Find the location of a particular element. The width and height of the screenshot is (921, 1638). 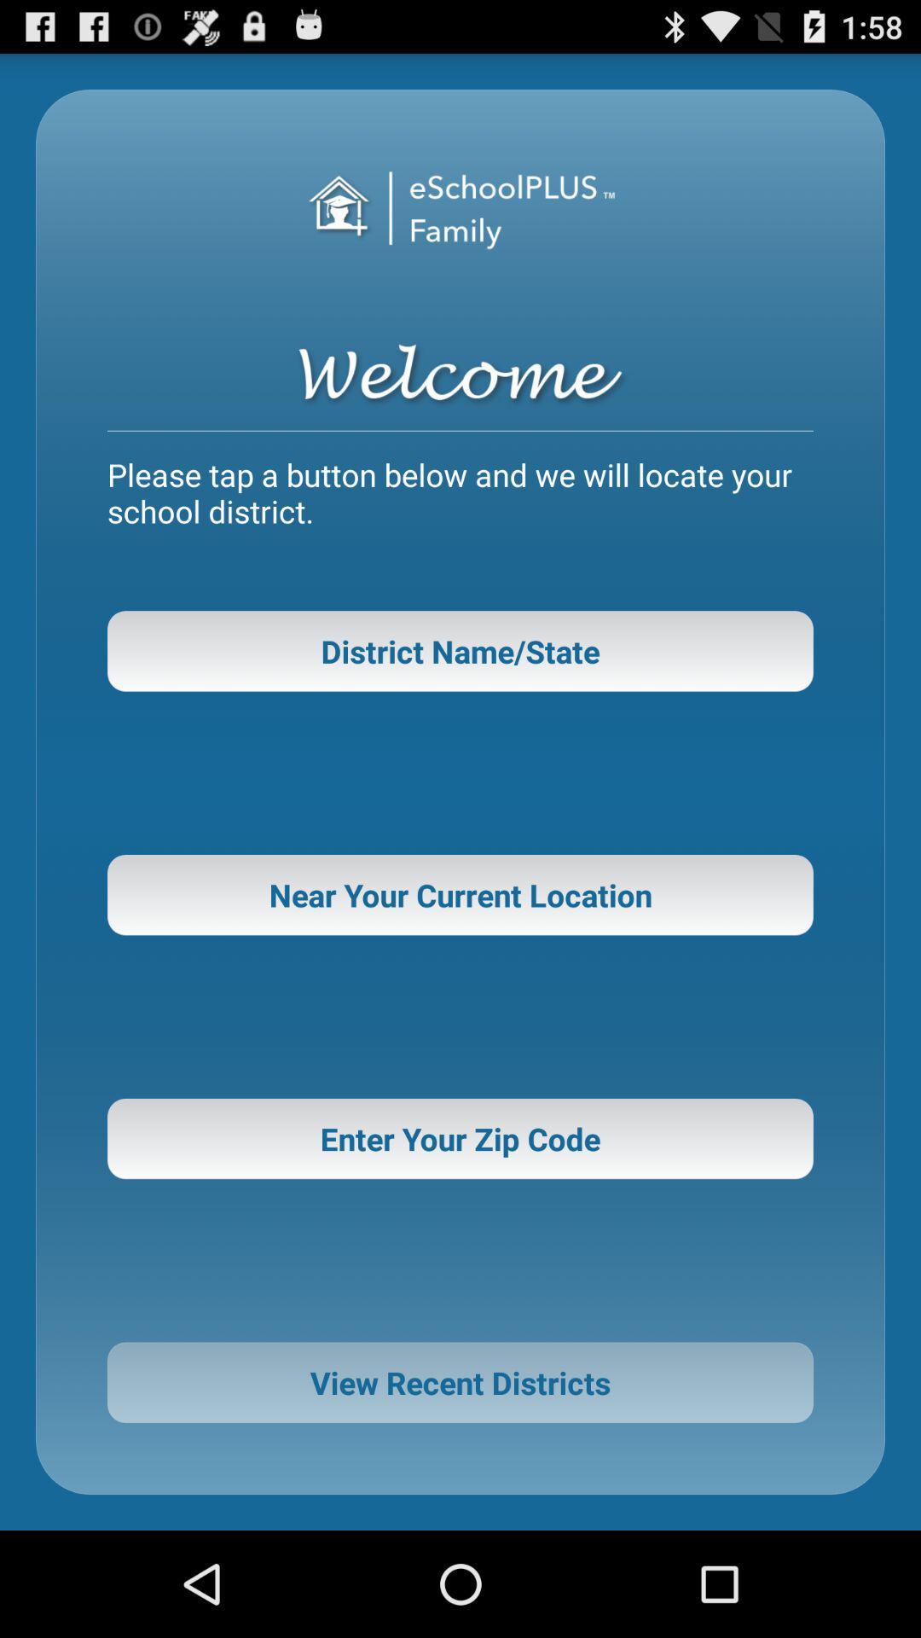

the button above near your current icon is located at coordinates (460, 650).